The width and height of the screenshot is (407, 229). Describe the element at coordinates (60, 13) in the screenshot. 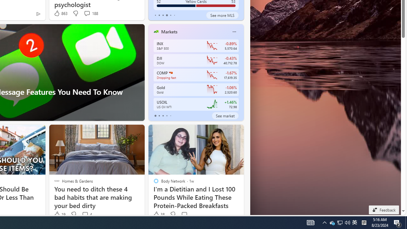

I see `'863 Like'` at that location.